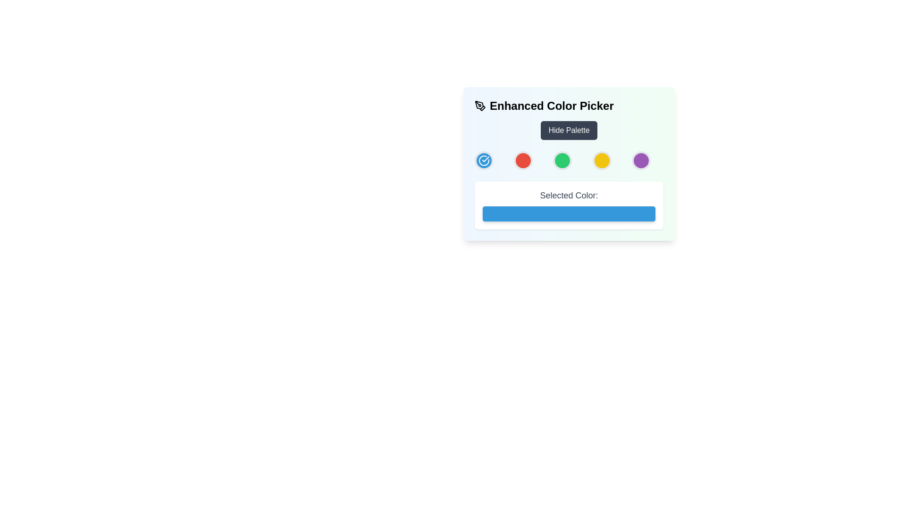 This screenshot has height=509, width=906. What do you see at coordinates (568, 131) in the screenshot?
I see `the button located centrally within the 'Enhanced Color Picker' interface to hide the palette display` at bounding box center [568, 131].